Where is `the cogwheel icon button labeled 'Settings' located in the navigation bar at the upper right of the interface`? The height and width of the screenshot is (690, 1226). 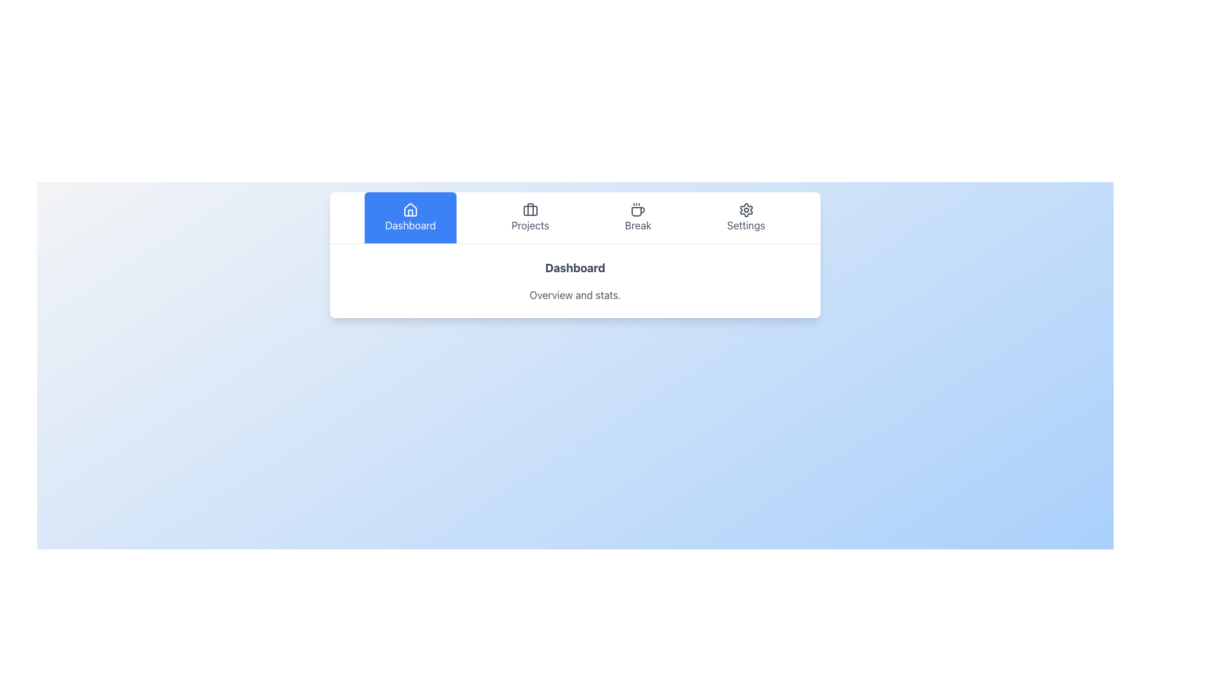
the cogwheel icon button labeled 'Settings' located in the navigation bar at the upper right of the interface is located at coordinates (746, 209).